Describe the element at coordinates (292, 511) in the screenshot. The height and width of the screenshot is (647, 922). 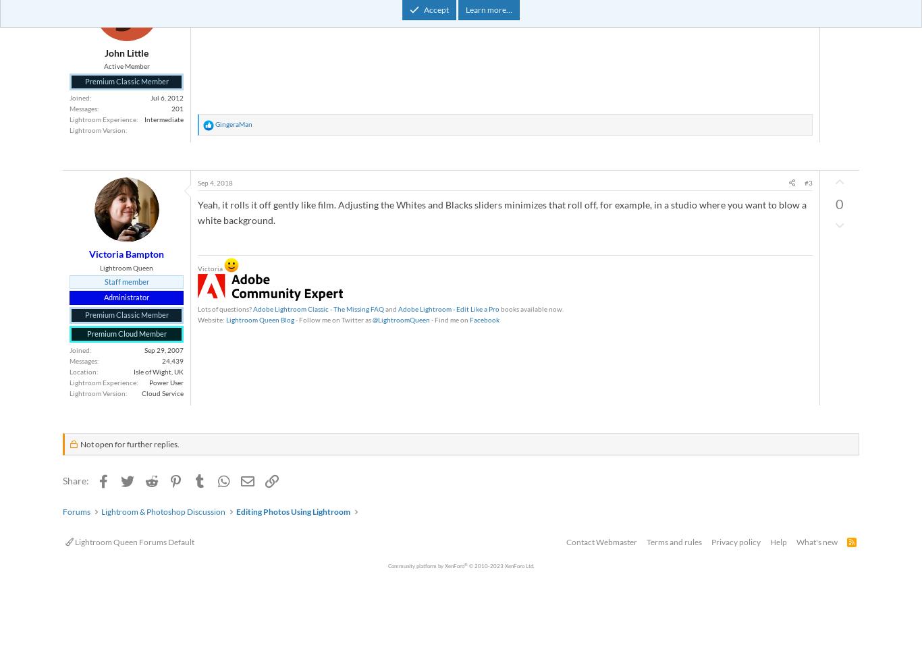
I see `'Editing Photos Using Lightroom'` at that location.